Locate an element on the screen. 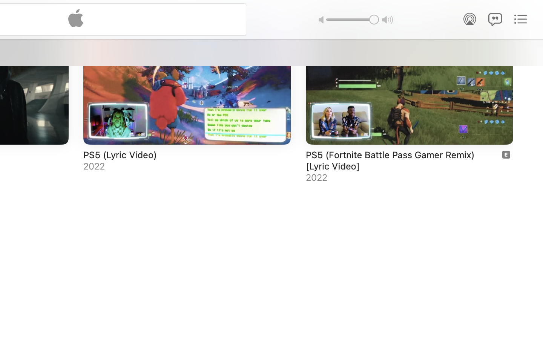  '1.0' is located at coordinates (352, 19).